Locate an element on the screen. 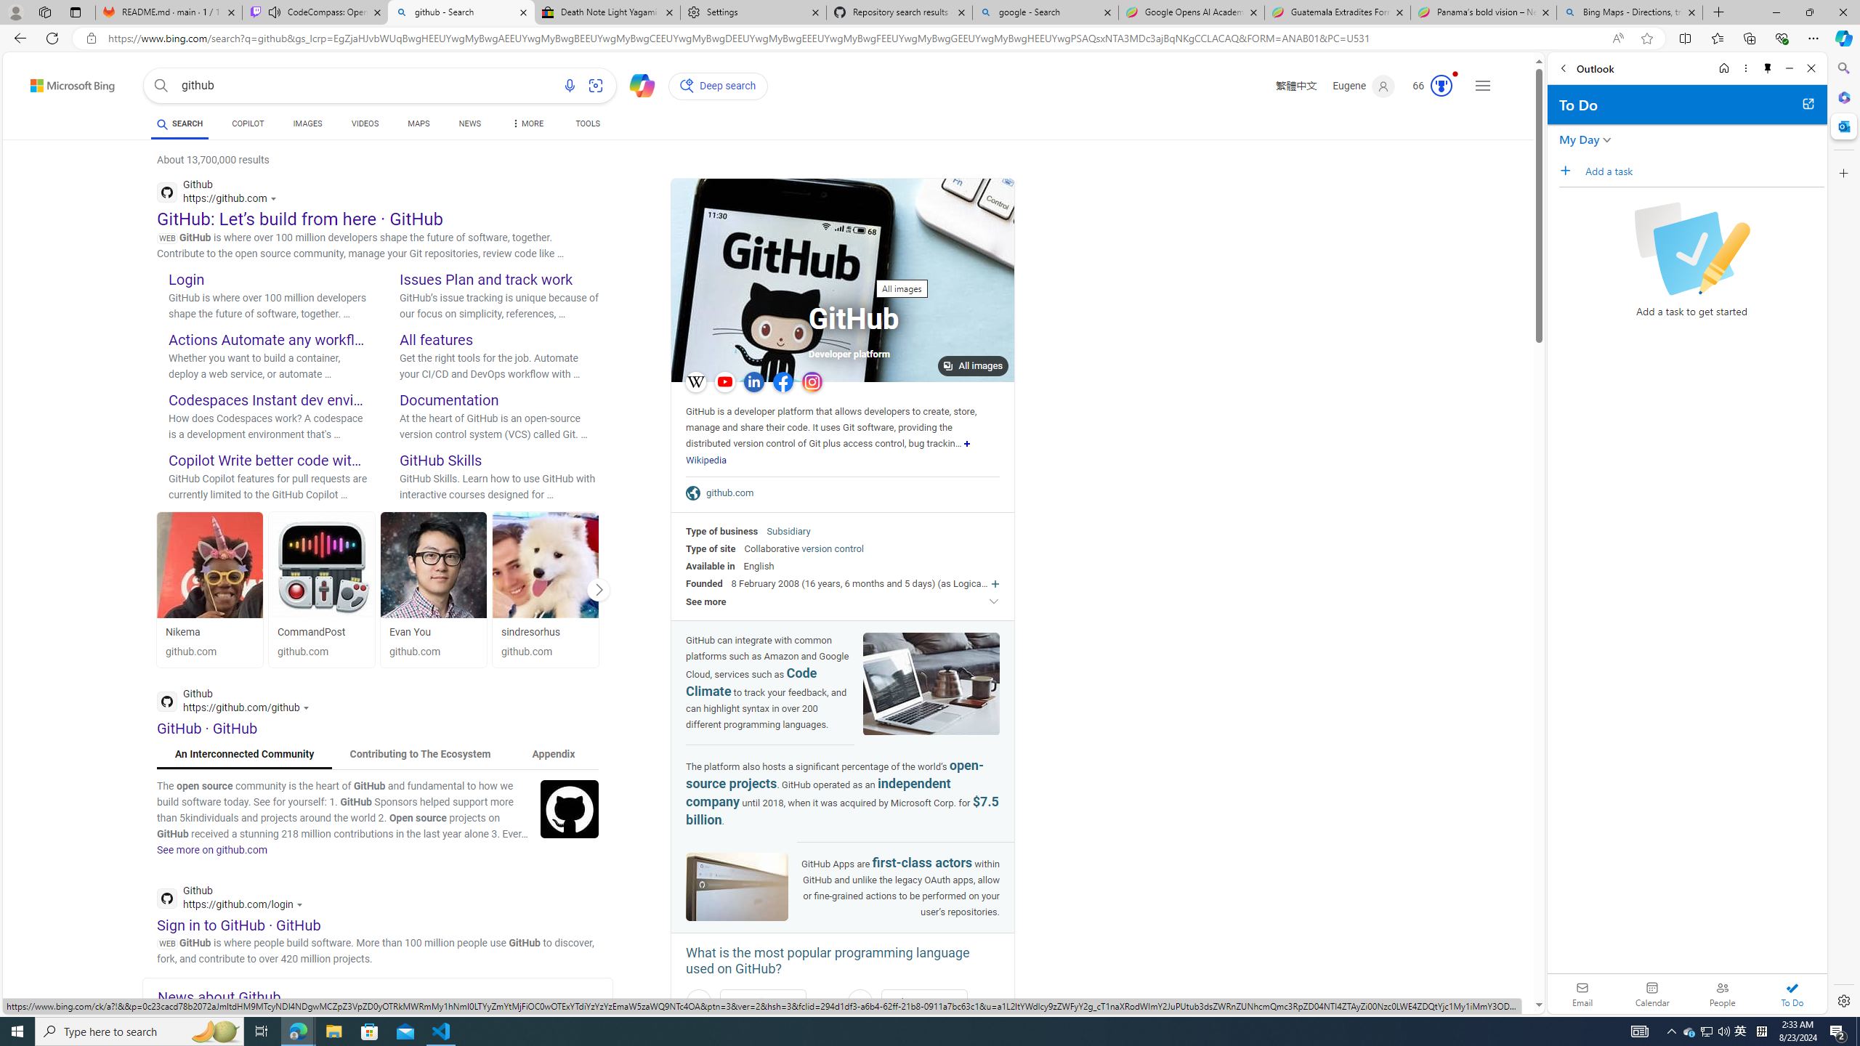 Image resolution: width=1860 pixels, height=1046 pixels. 'Calendar. Date today is 22' is located at coordinates (1652, 993).